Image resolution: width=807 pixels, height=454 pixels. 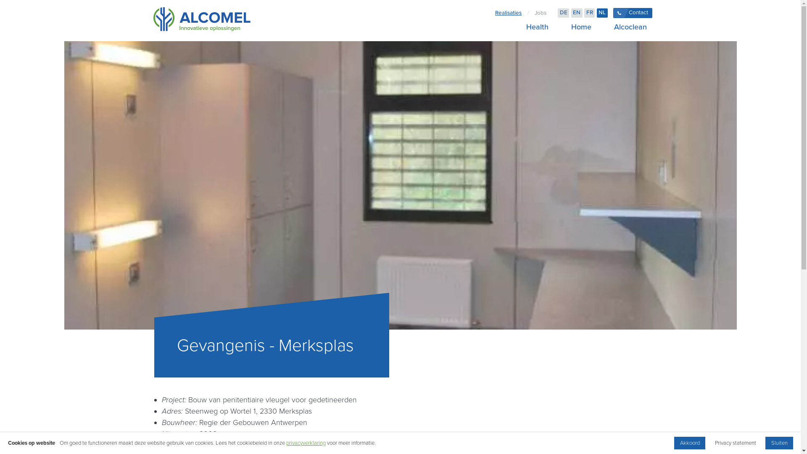 What do you see at coordinates (690, 442) in the screenshot?
I see `'Akkoord'` at bounding box center [690, 442].